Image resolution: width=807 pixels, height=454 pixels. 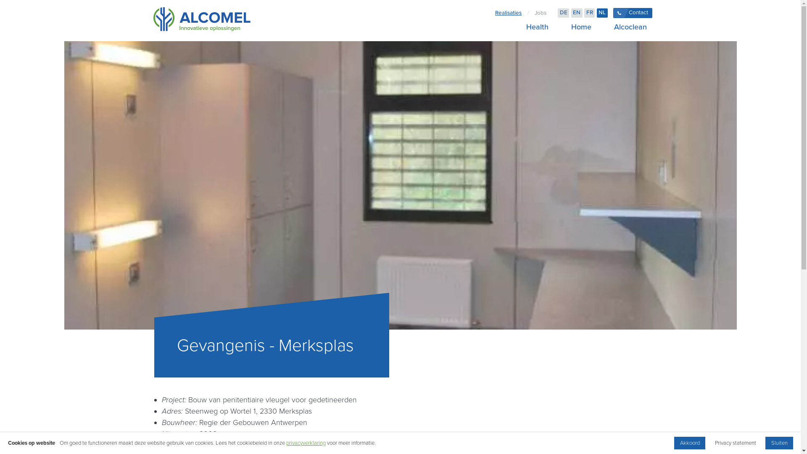 What do you see at coordinates (690, 442) in the screenshot?
I see `'Akkoord'` at bounding box center [690, 442].